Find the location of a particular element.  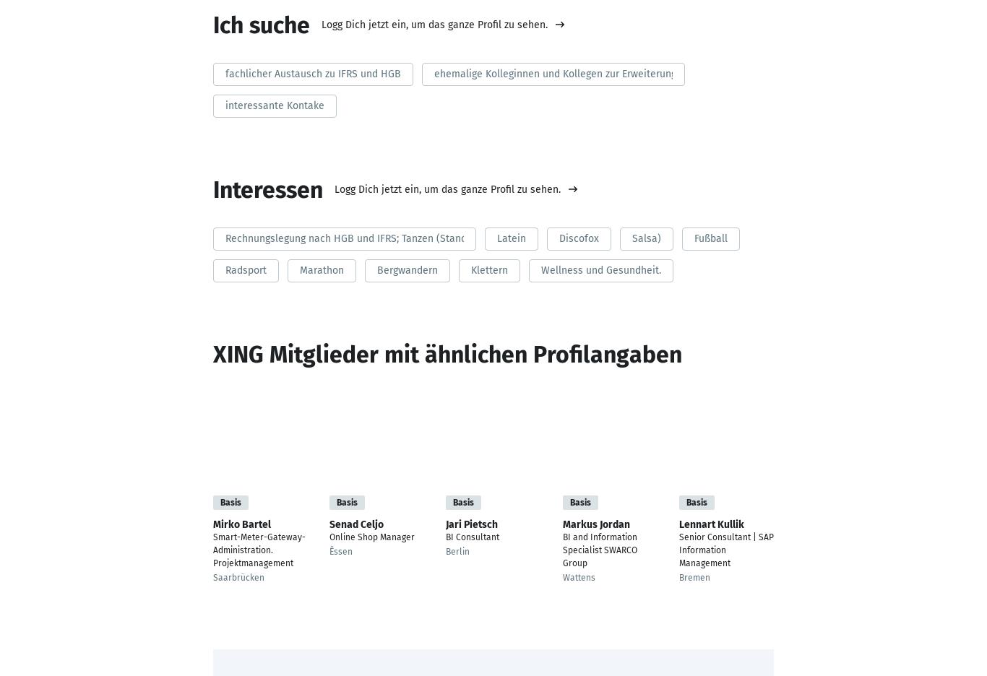

'Senad Celjo' is located at coordinates (356, 523).